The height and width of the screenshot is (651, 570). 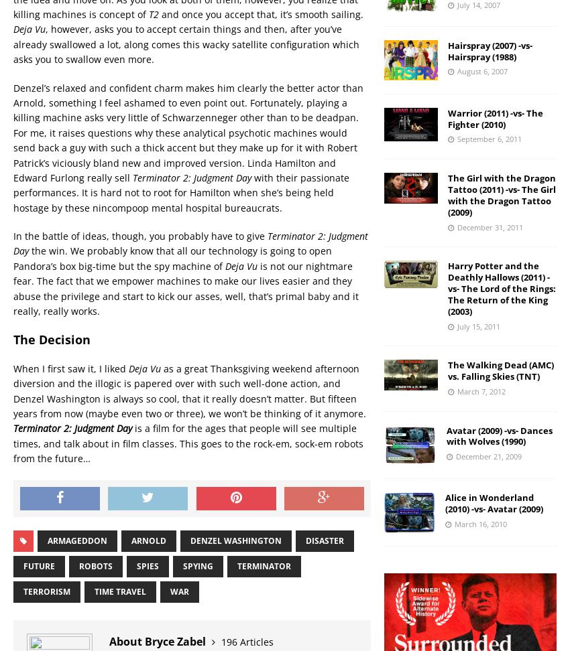 What do you see at coordinates (481, 70) in the screenshot?
I see `'August 6, 2007'` at bounding box center [481, 70].